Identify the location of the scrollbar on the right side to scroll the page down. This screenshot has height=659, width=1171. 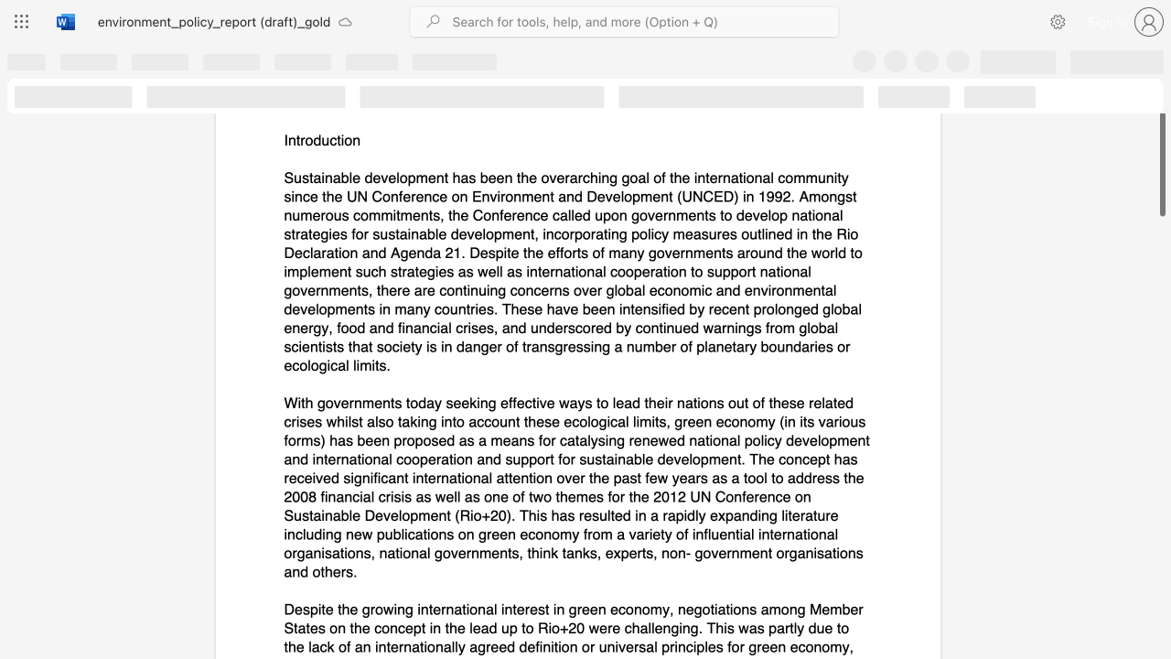
(1161, 630).